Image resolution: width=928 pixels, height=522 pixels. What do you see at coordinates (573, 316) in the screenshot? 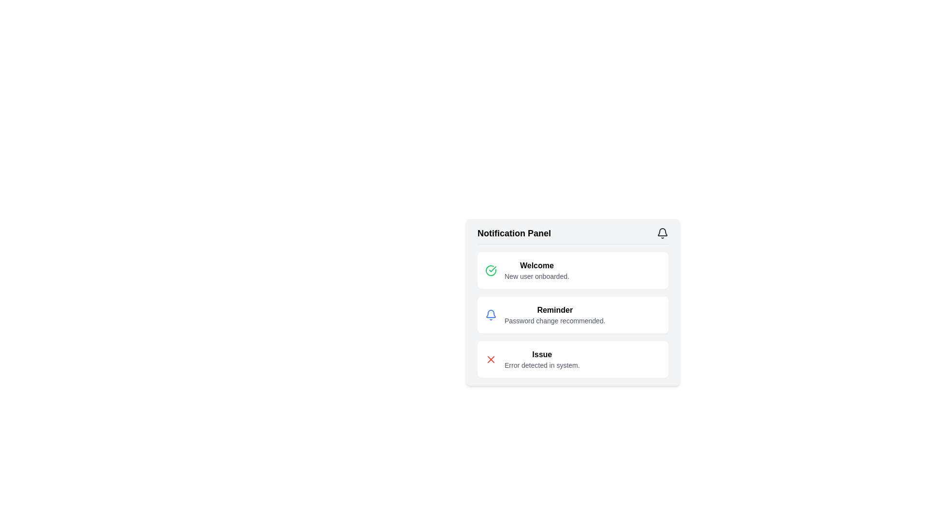
I see `the second notification card in the Notification Panel, which contains the word 'Reminder' in bold and the descriptive text 'Password change recommended.'` at bounding box center [573, 316].